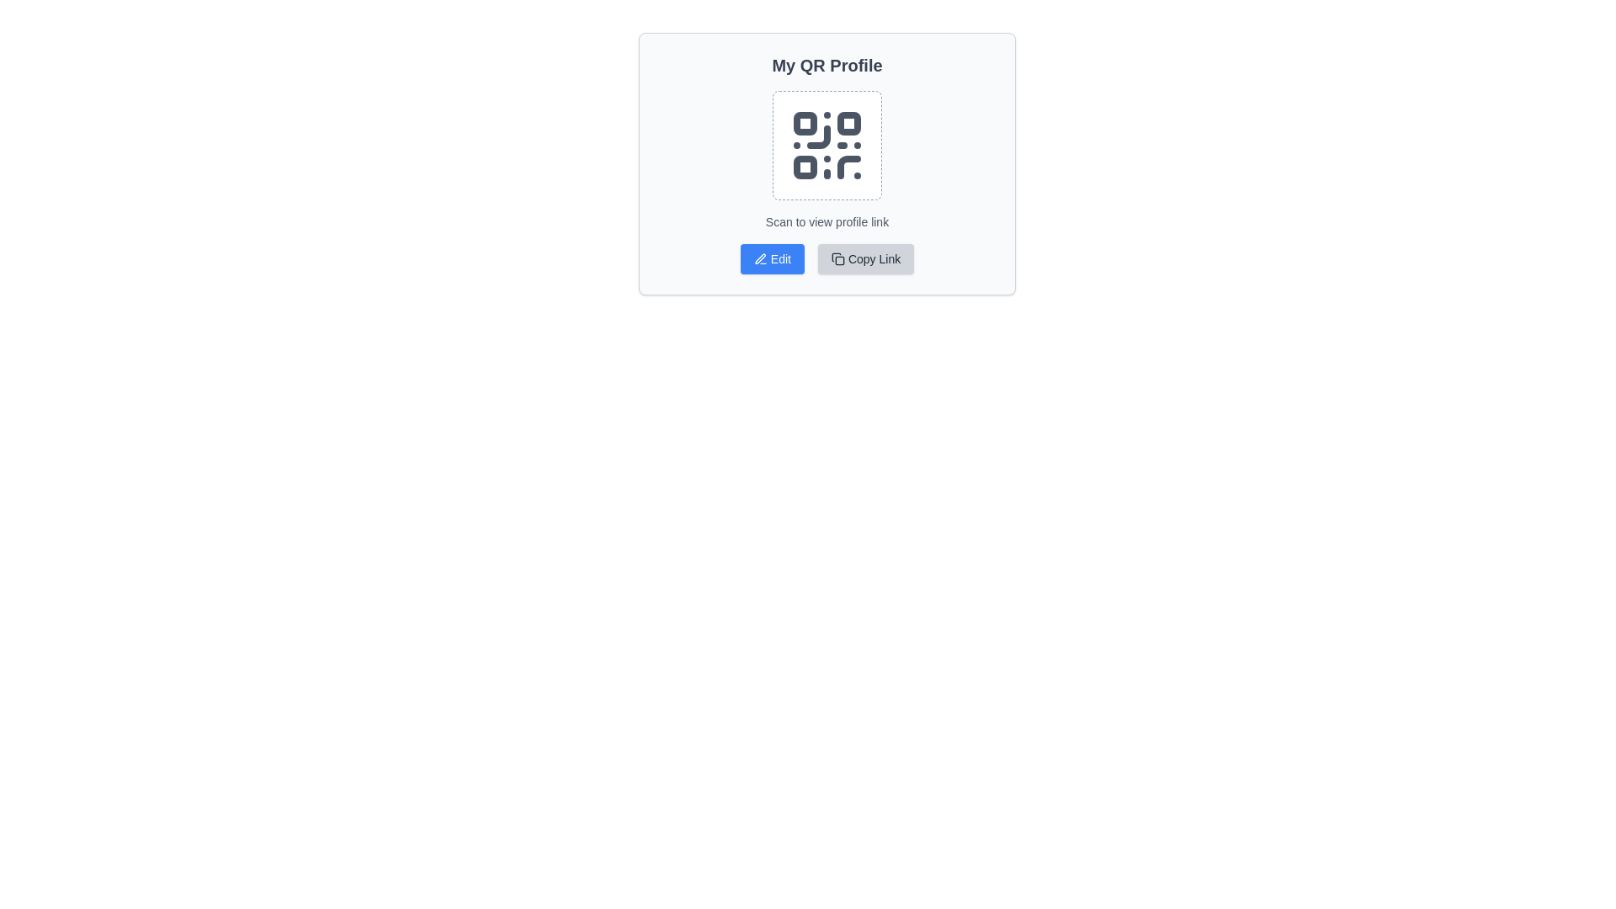 The width and height of the screenshot is (1616, 909). Describe the element at coordinates (827, 145) in the screenshot. I see `the QR code icon with dashed borders located in the 'My QR Profile' section, positioned below the heading 'My QR Profile' to scan it with a device` at that location.